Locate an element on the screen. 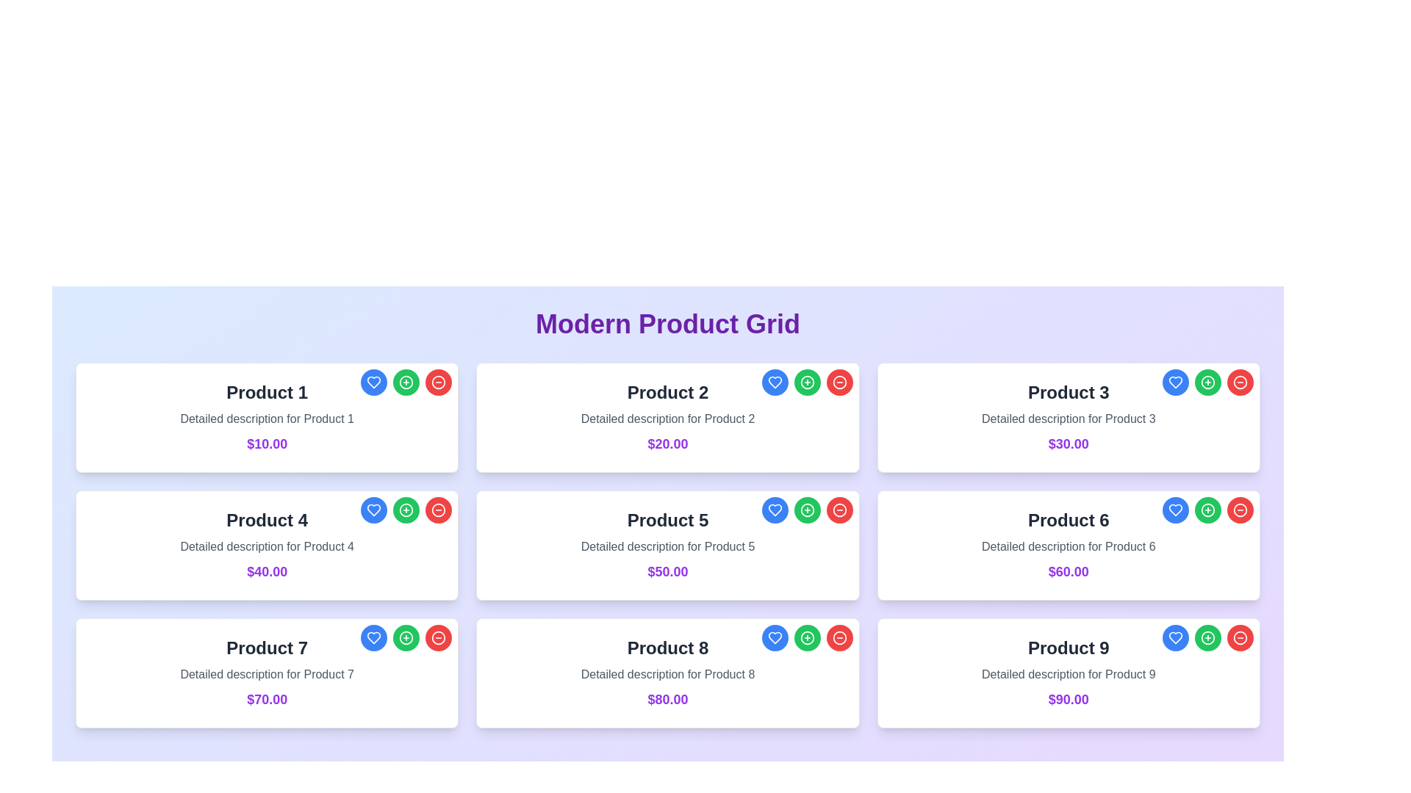 This screenshot has width=1411, height=793. the text label displaying 'Product 1', which is bold and large, located at the top of its product card is located at coordinates (267, 392).